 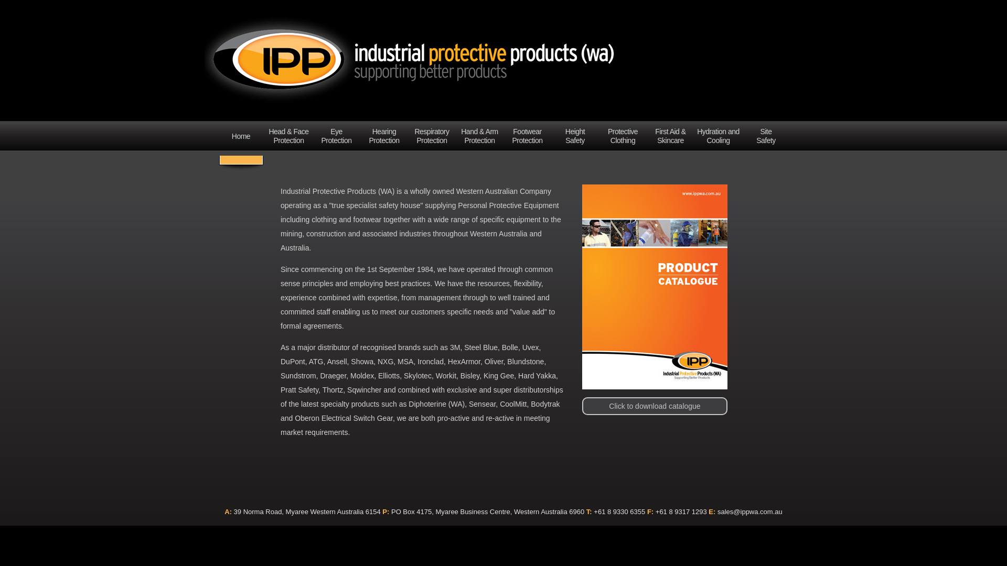 What do you see at coordinates (288, 135) in the screenshot?
I see `'Head & Face Protection'` at bounding box center [288, 135].